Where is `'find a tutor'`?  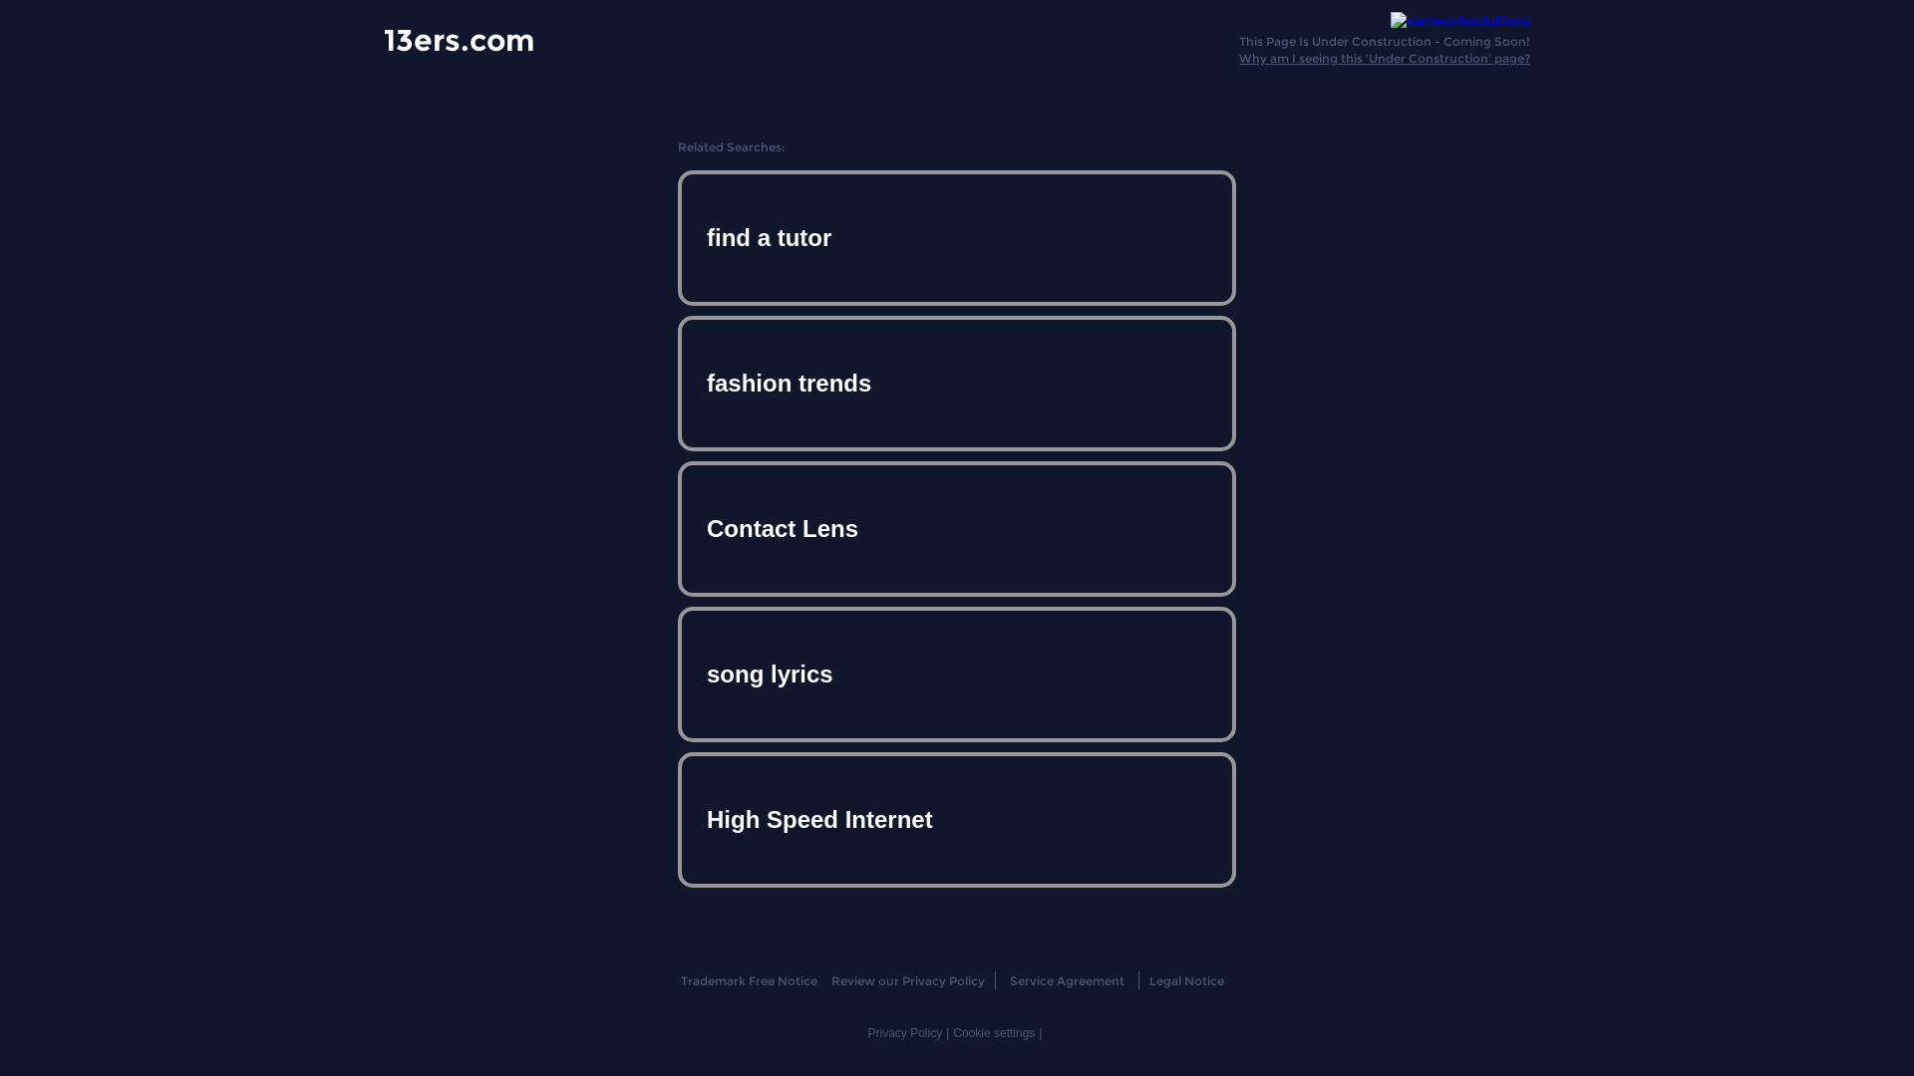 'find a tutor' is located at coordinates (957, 237).